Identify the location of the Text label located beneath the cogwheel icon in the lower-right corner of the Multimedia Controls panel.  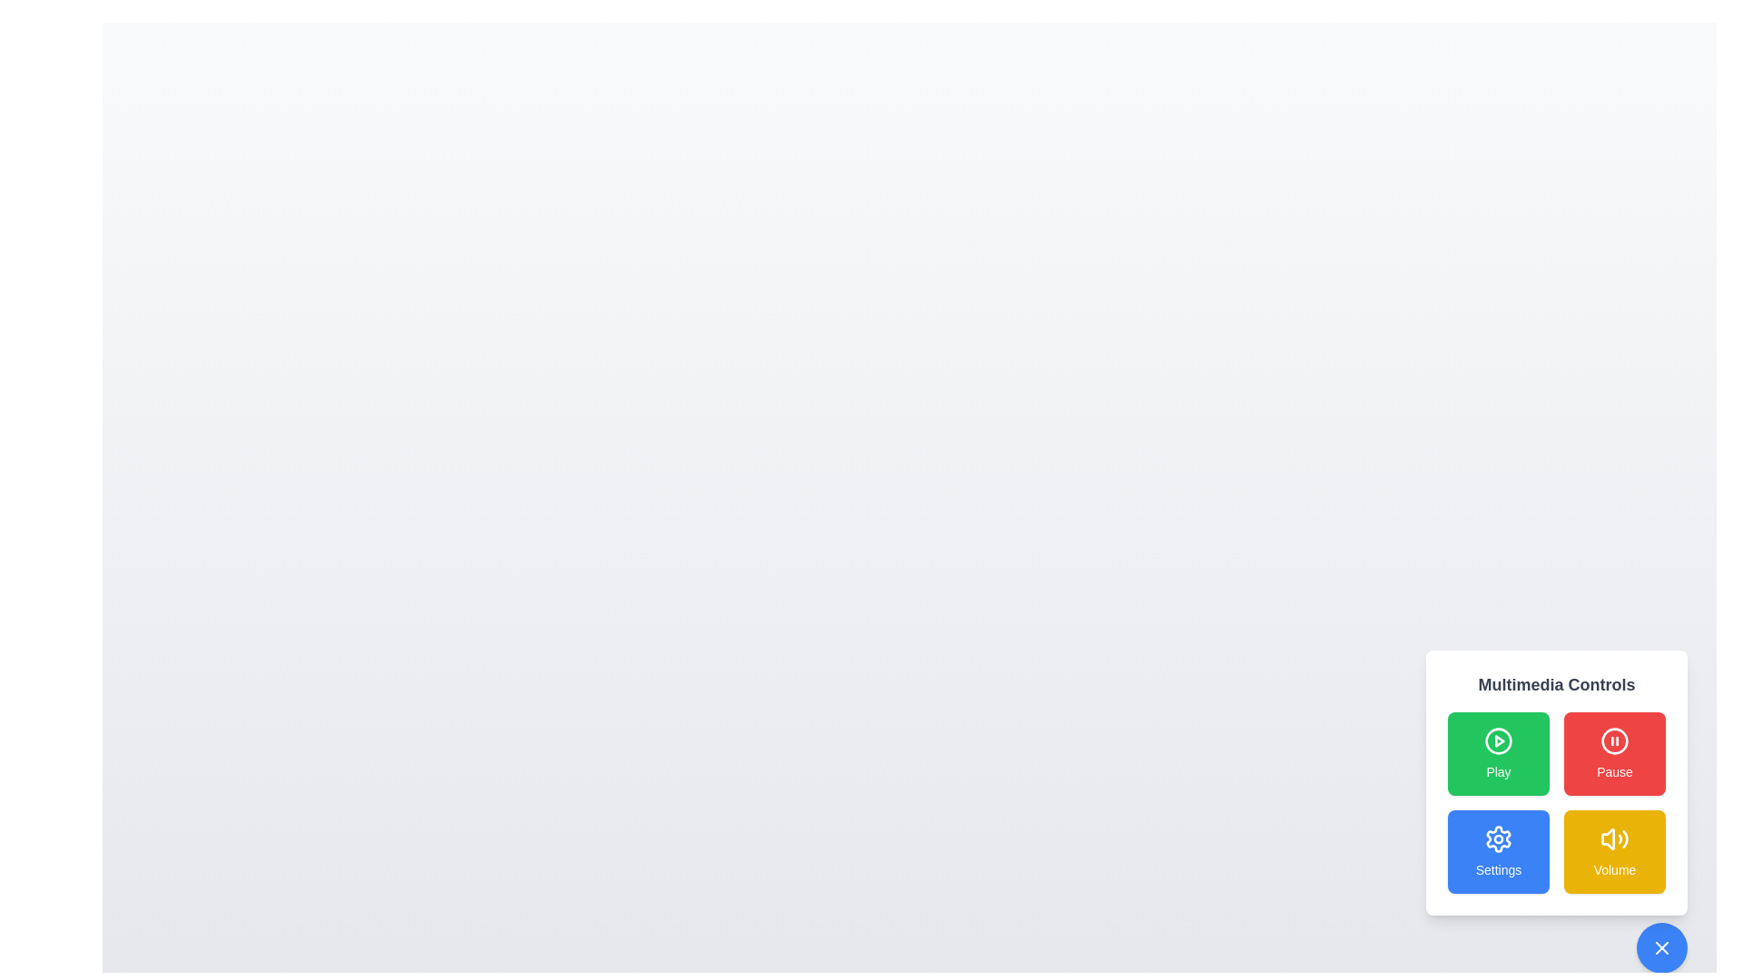
(1499, 869).